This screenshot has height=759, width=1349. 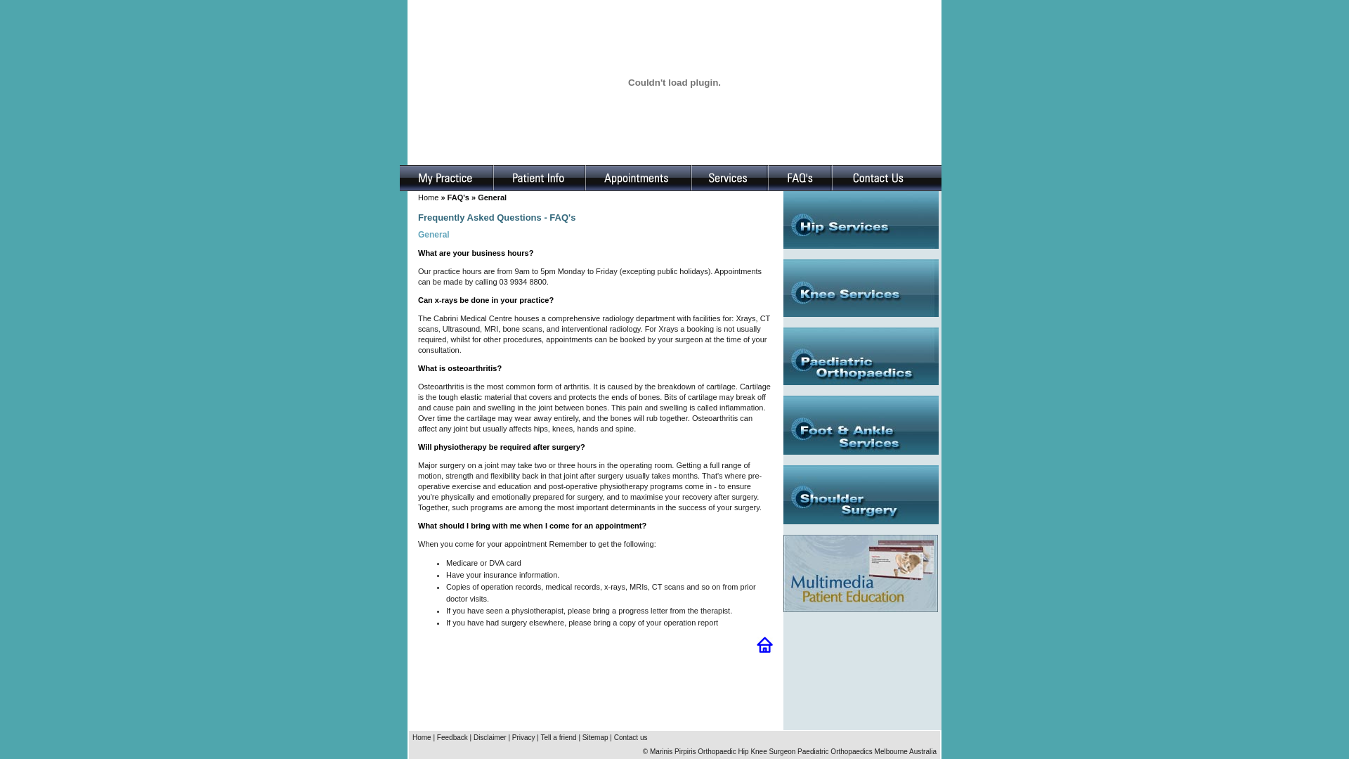 What do you see at coordinates (421, 737) in the screenshot?
I see `'Home'` at bounding box center [421, 737].